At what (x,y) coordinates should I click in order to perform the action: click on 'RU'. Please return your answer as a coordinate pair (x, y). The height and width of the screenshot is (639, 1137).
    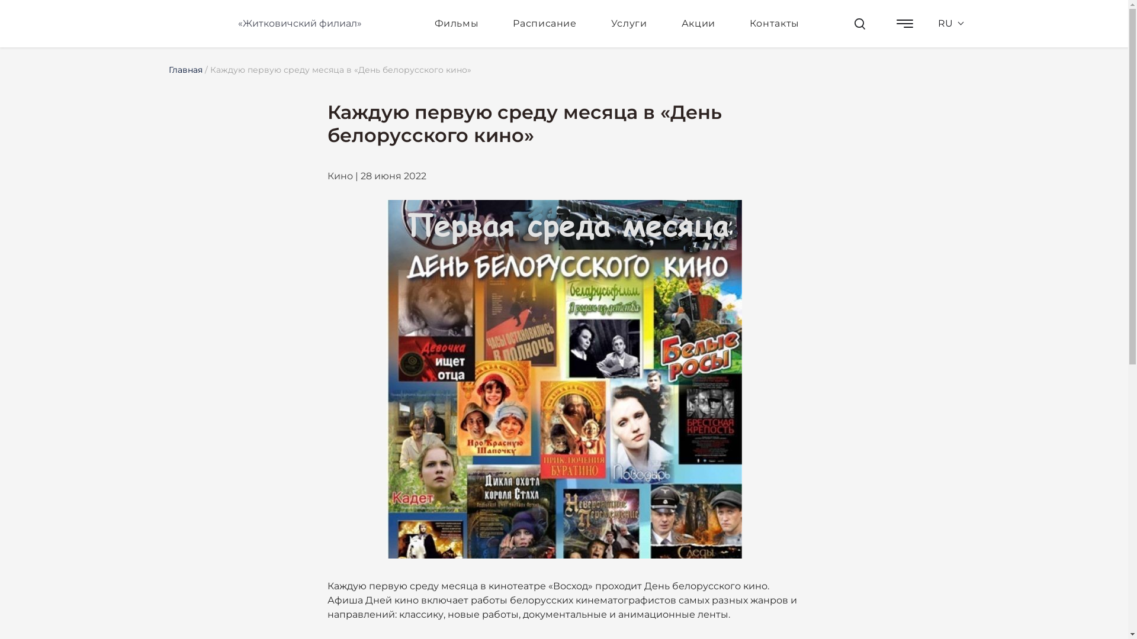
    Looking at the image, I should click on (930, 23).